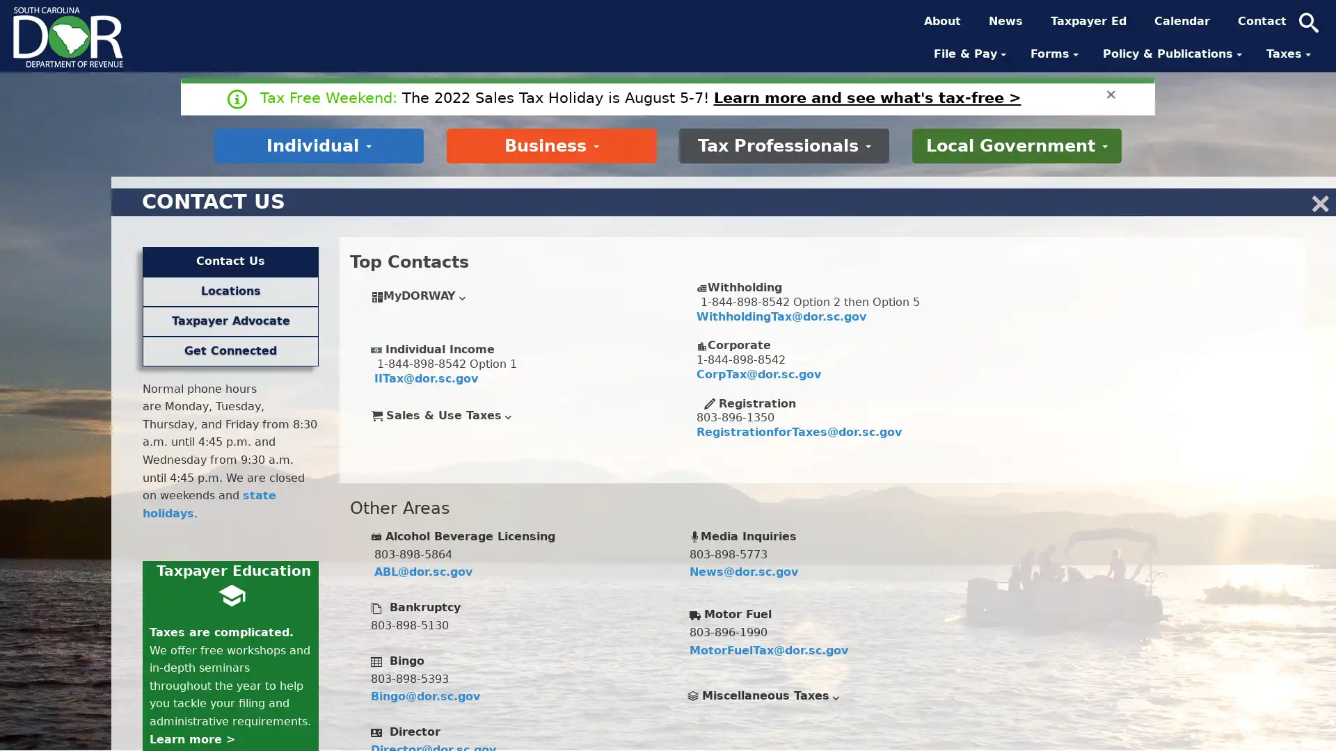  What do you see at coordinates (971, 53) in the screenshot?
I see `File & Pay` at bounding box center [971, 53].